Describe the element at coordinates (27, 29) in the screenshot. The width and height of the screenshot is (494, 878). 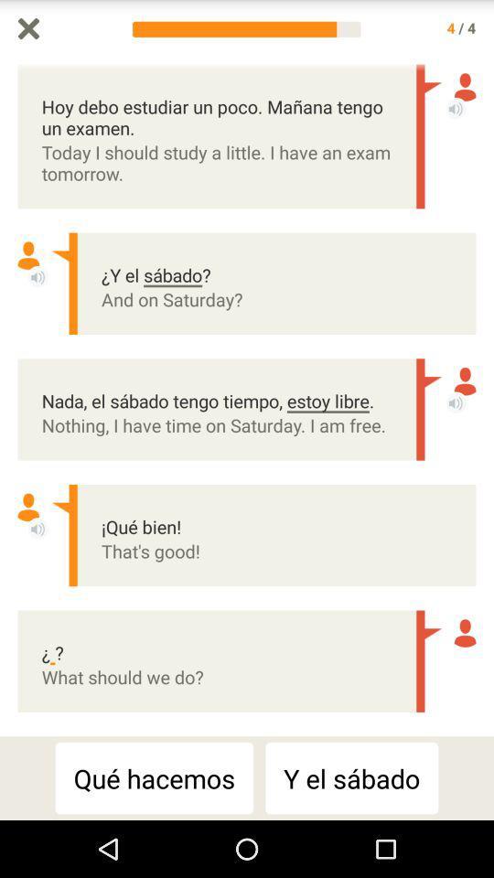
I see `the close icon` at that location.